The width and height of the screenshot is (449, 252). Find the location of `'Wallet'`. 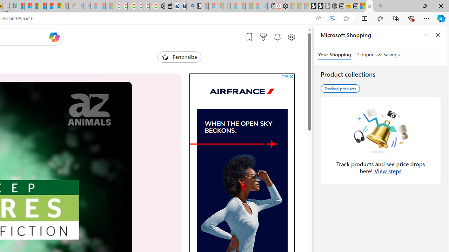

'Wallet' is located at coordinates (167, 6).